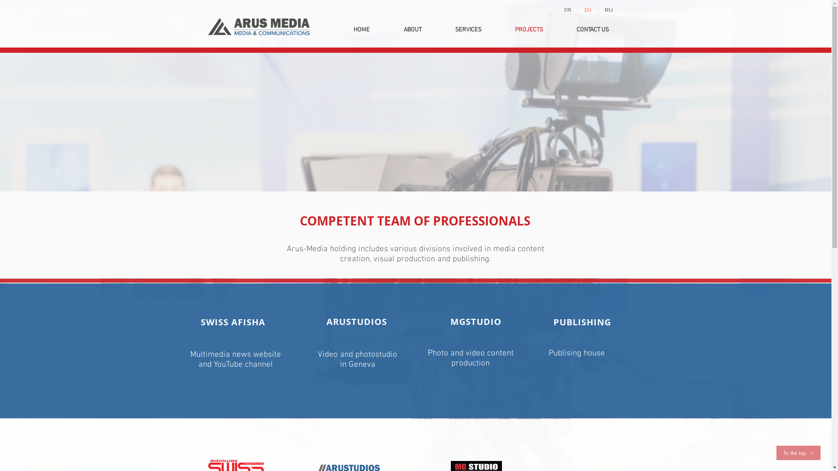 The width and height of the screenshot is (838, 471). Describe the element at coordinates (361, 29) in the screenshot. I see `'HOME'` at that location.